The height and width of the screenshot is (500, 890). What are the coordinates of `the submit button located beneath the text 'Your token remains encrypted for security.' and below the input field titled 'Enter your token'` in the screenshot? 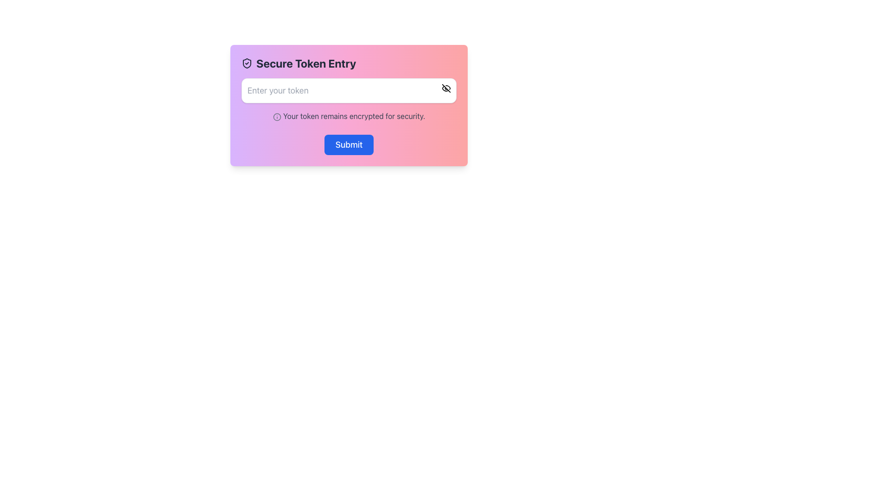 It's located at (349, 144).